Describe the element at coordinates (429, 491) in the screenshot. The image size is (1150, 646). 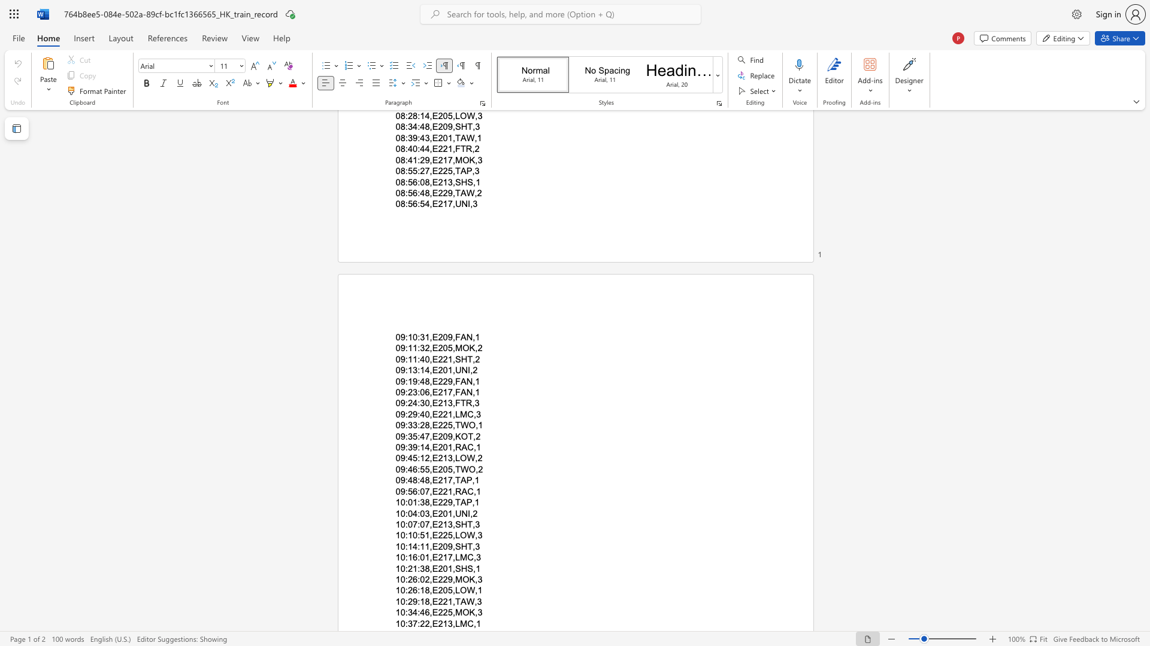
I see `the subset text ",E221,RAC," within the text "09:56:07,E221,RAC,1"` at that location.